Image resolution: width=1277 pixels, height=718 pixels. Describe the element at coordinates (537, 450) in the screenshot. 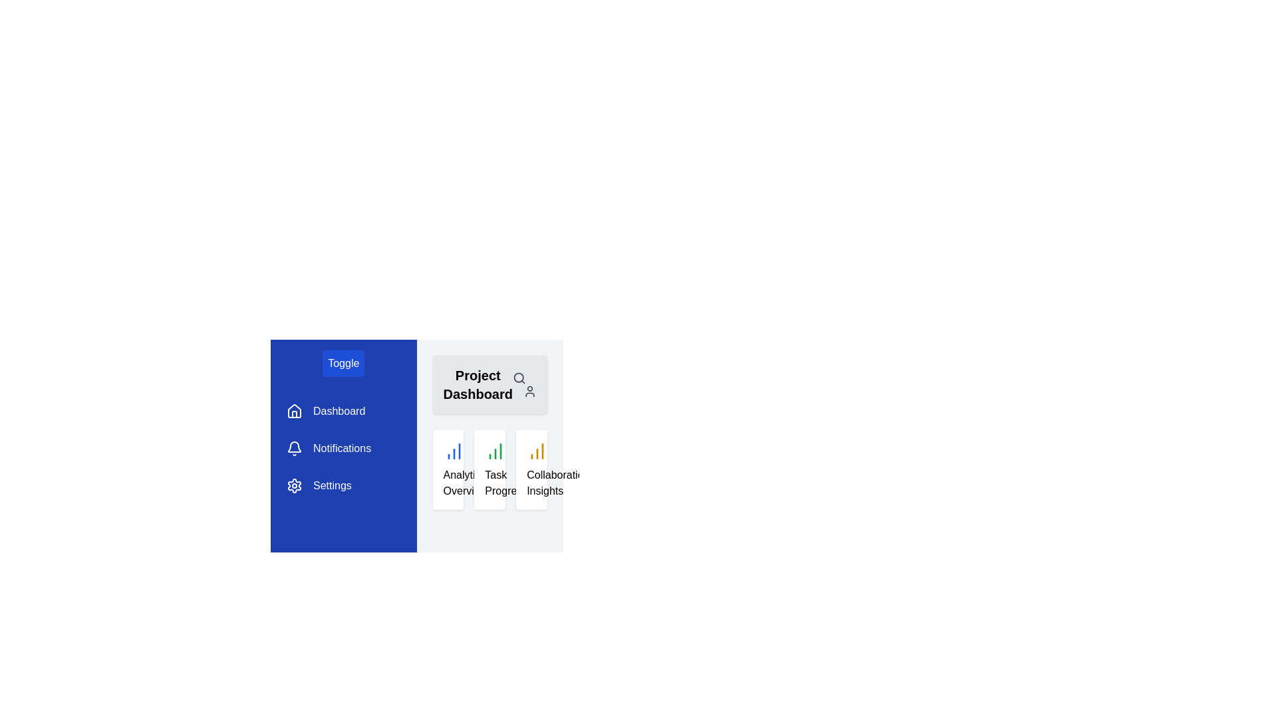

I see `the three-bar increasing column chart icon, styled in yellow, located at the top-left corner of the 'Collaboration Insights' card for informational purposes` at that location.